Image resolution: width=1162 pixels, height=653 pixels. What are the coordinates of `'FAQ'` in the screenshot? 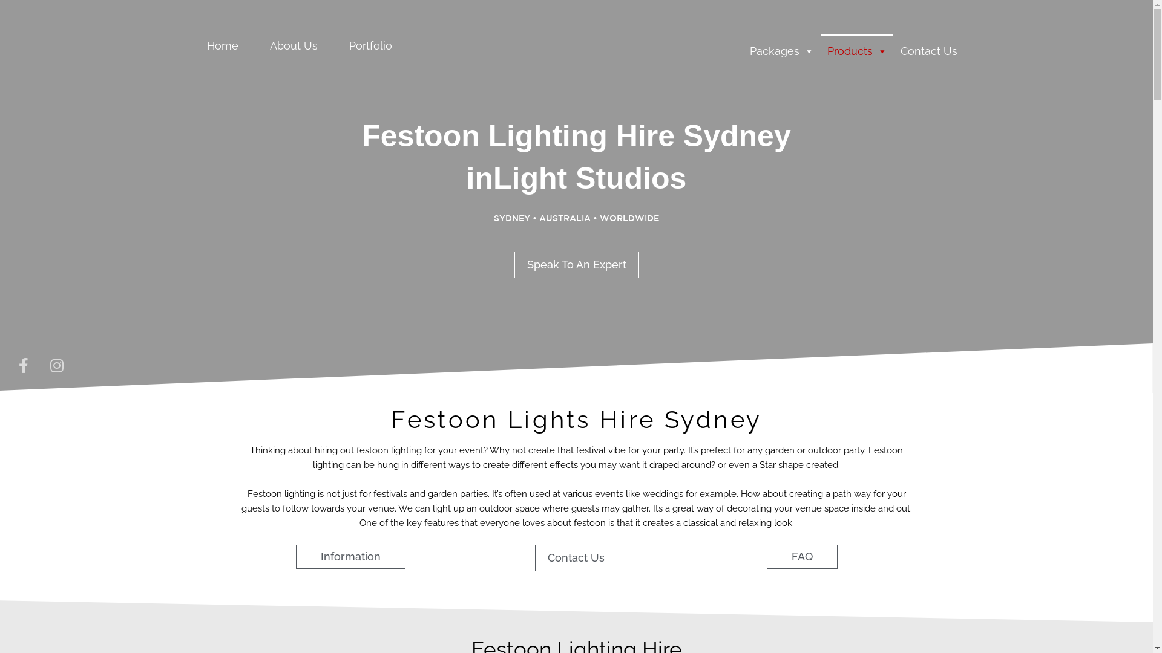 It's located at (802, 557).